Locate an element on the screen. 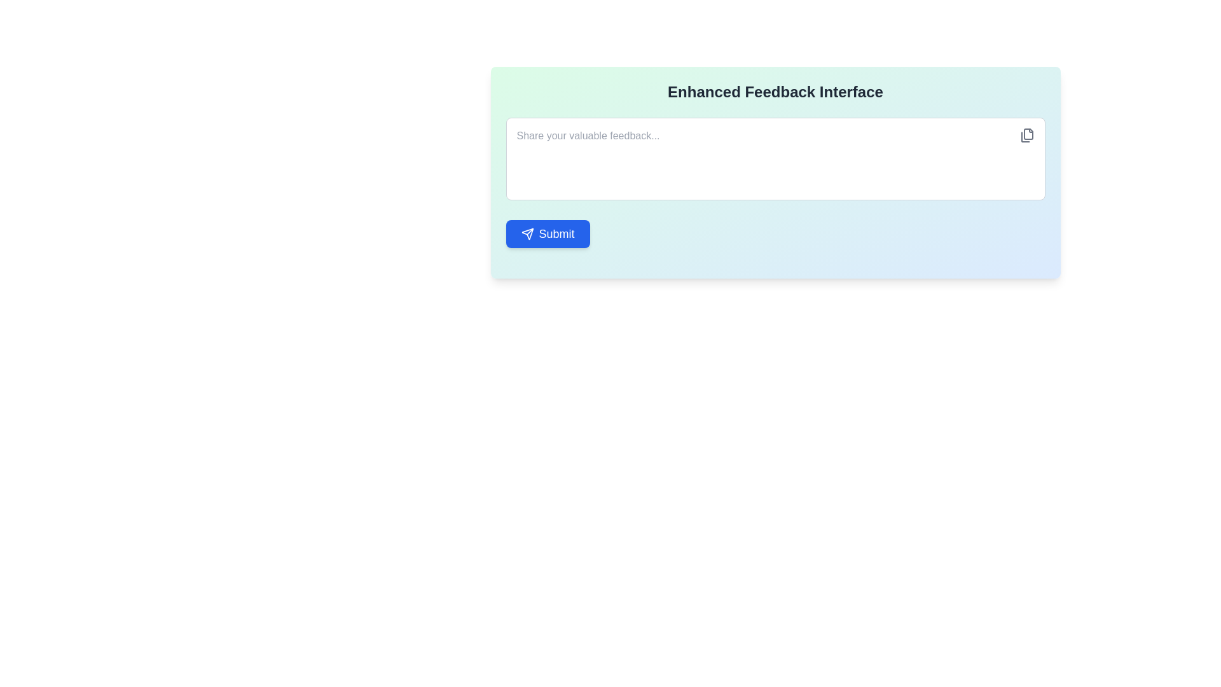 Image resolution: width=1221 pixels, height=687 pixels. the icon inside the blue 'Submit' button located in the bottom-left section of the dialog box is located at coordinates (527, 233).